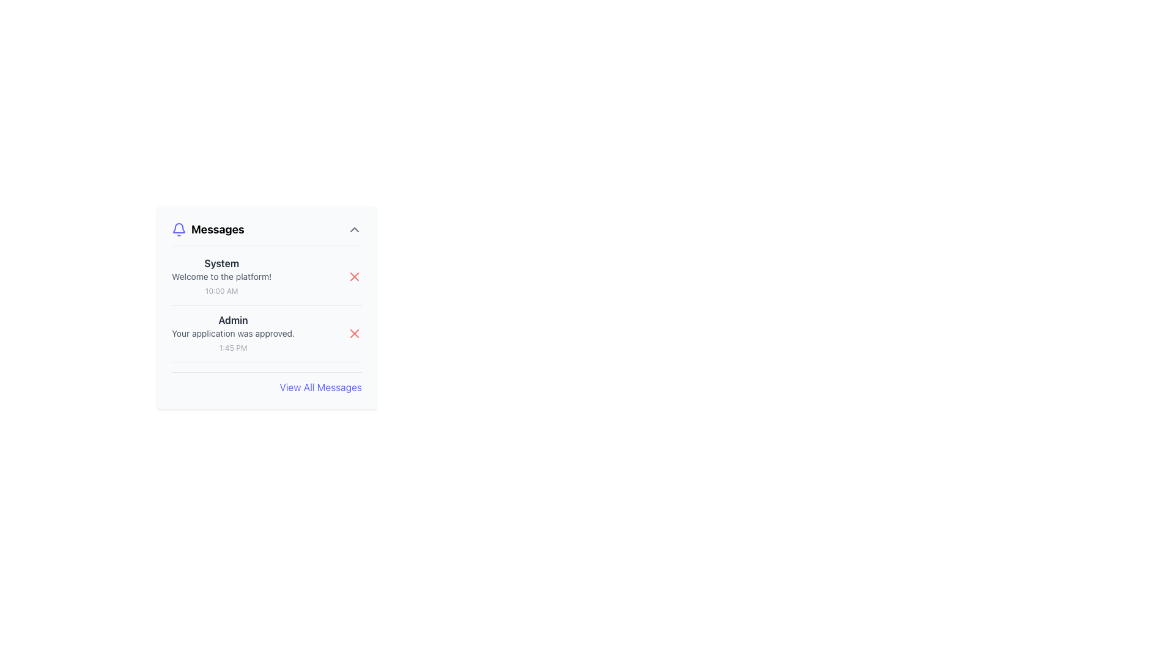 This screenshot has width=1174, height=660. Describe the element at coordinates (178, 229) in the screenshot. I see `the notification bell icon with an indigo color outline located to the left of the text 'Messages' in the Messages section` at that location.